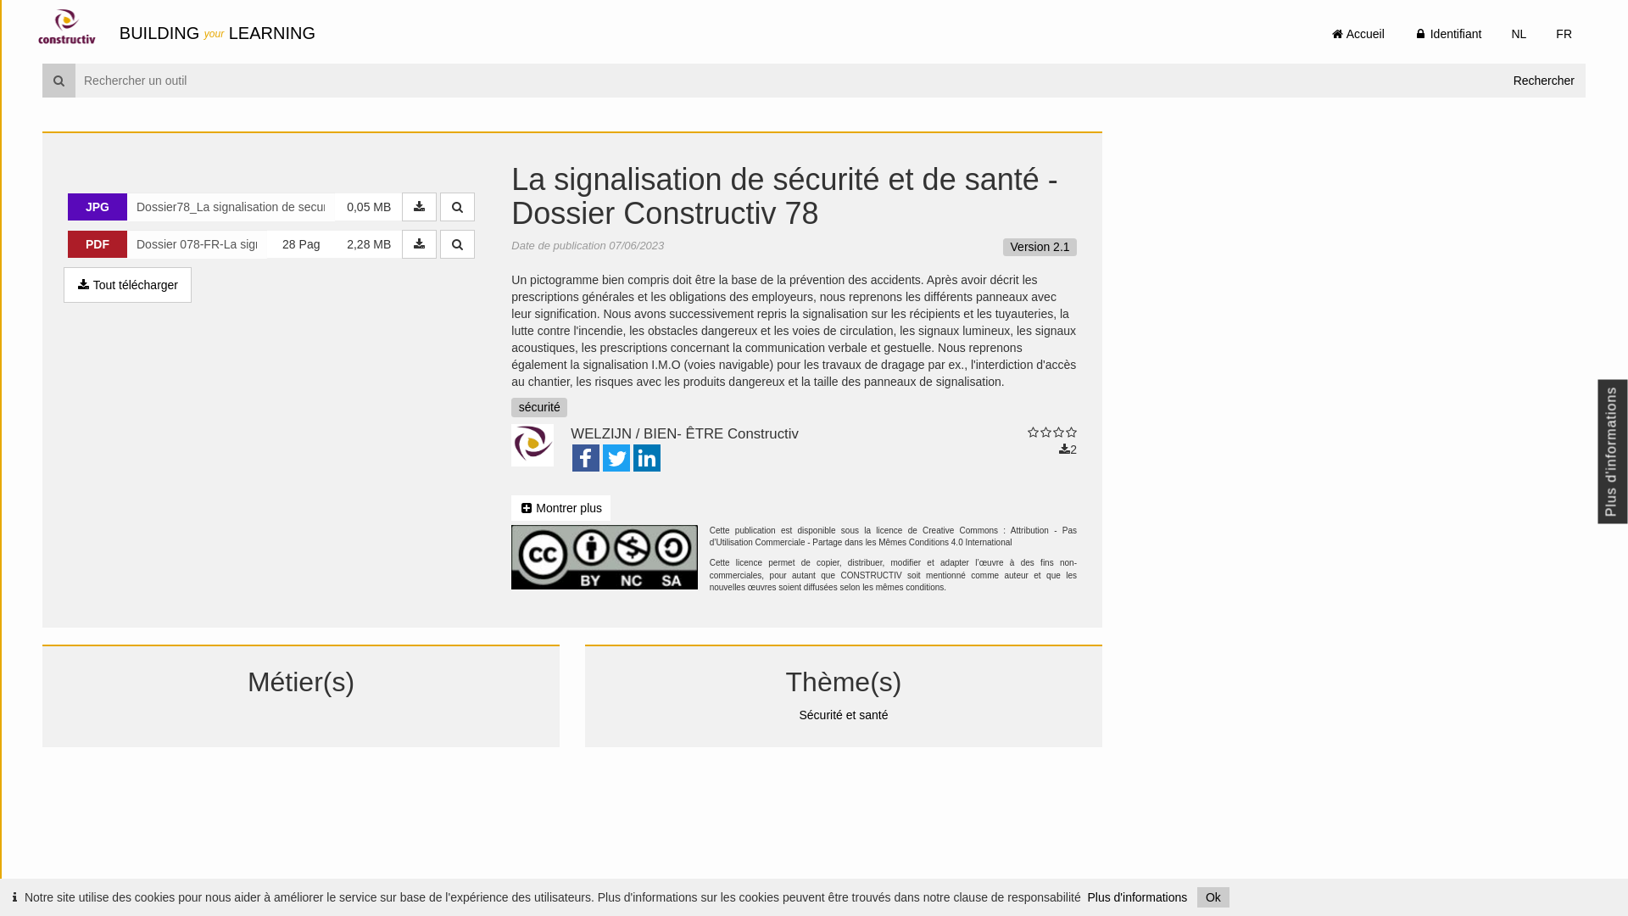  What do you see at coordinates (560, 506) in the screenshot?
I see `' Montrer plus'` at bounding box center [560, 506].